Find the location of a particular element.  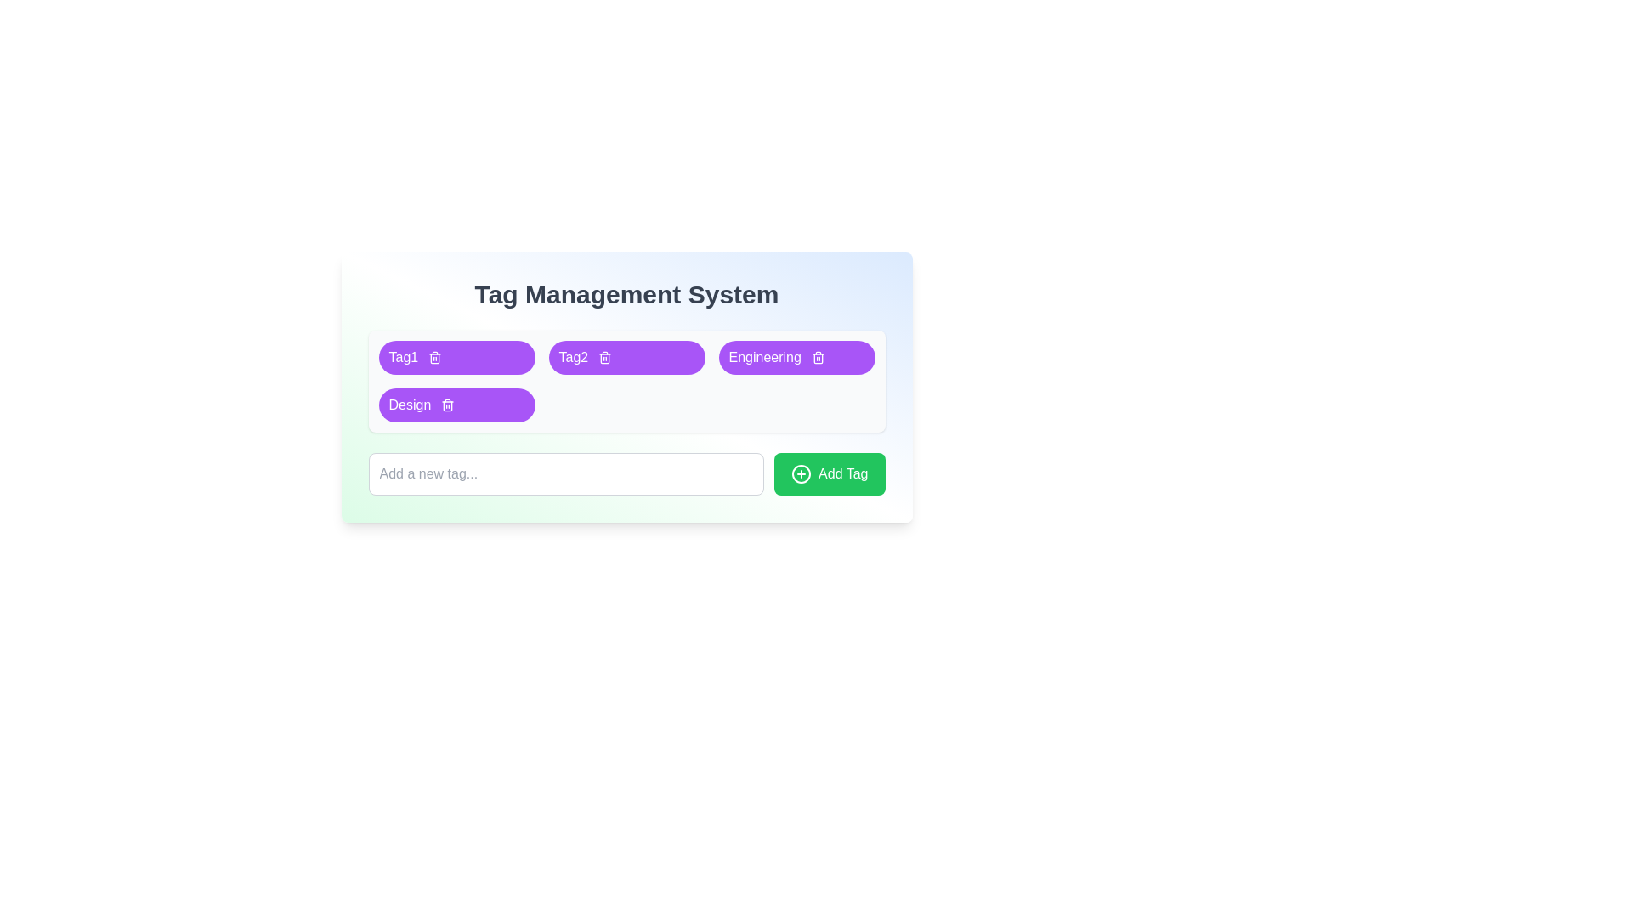

the small interactive trash can icon with a white outline and purple background located at the far-right side of the 'Engineering' tag is located at coordinates (818, 356).